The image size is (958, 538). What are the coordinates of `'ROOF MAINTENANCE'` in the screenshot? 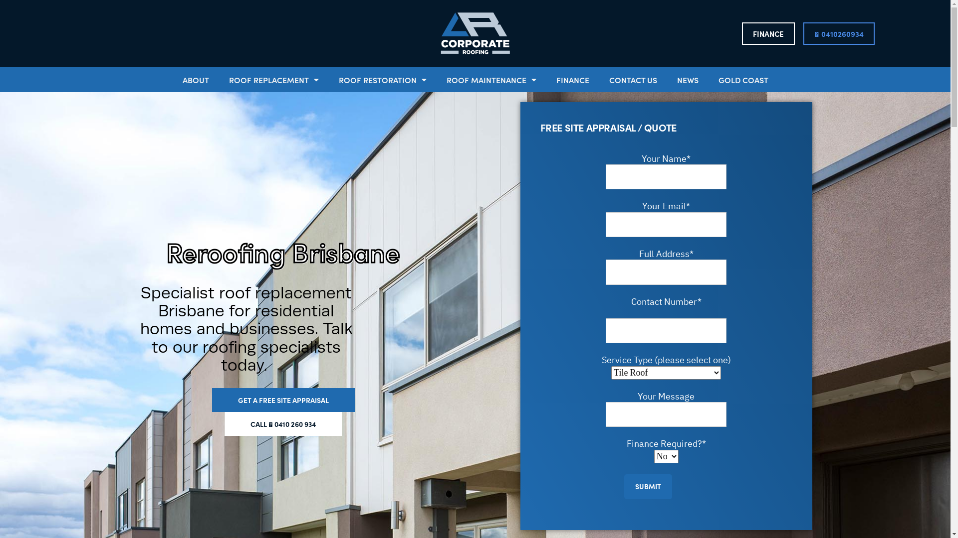 It's located at (436, 79).